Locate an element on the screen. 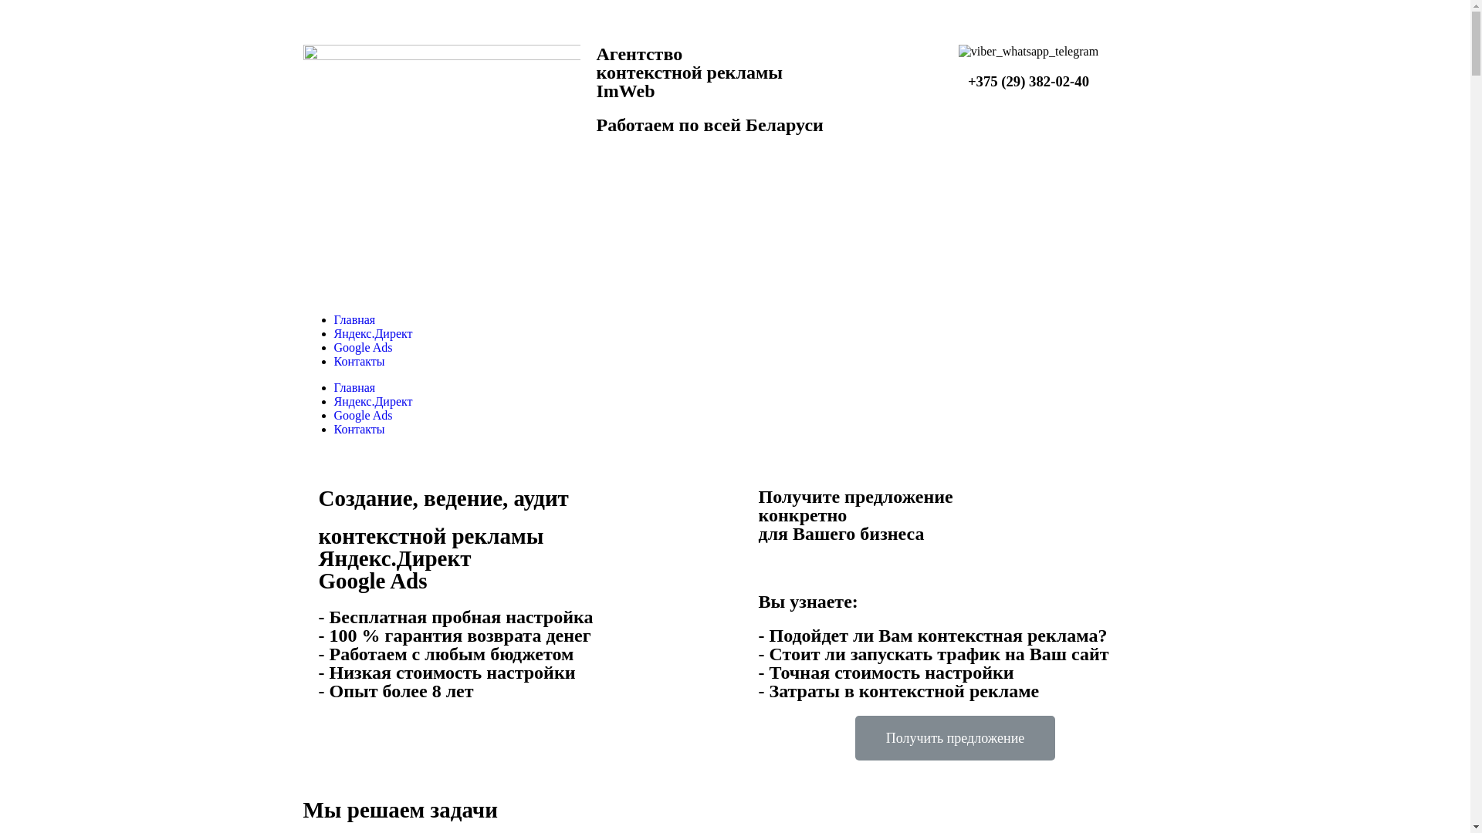 Image resolution: width=1482 pixels, height=833 pixels. 'Google Ads' is located at coordinates (362, 347).